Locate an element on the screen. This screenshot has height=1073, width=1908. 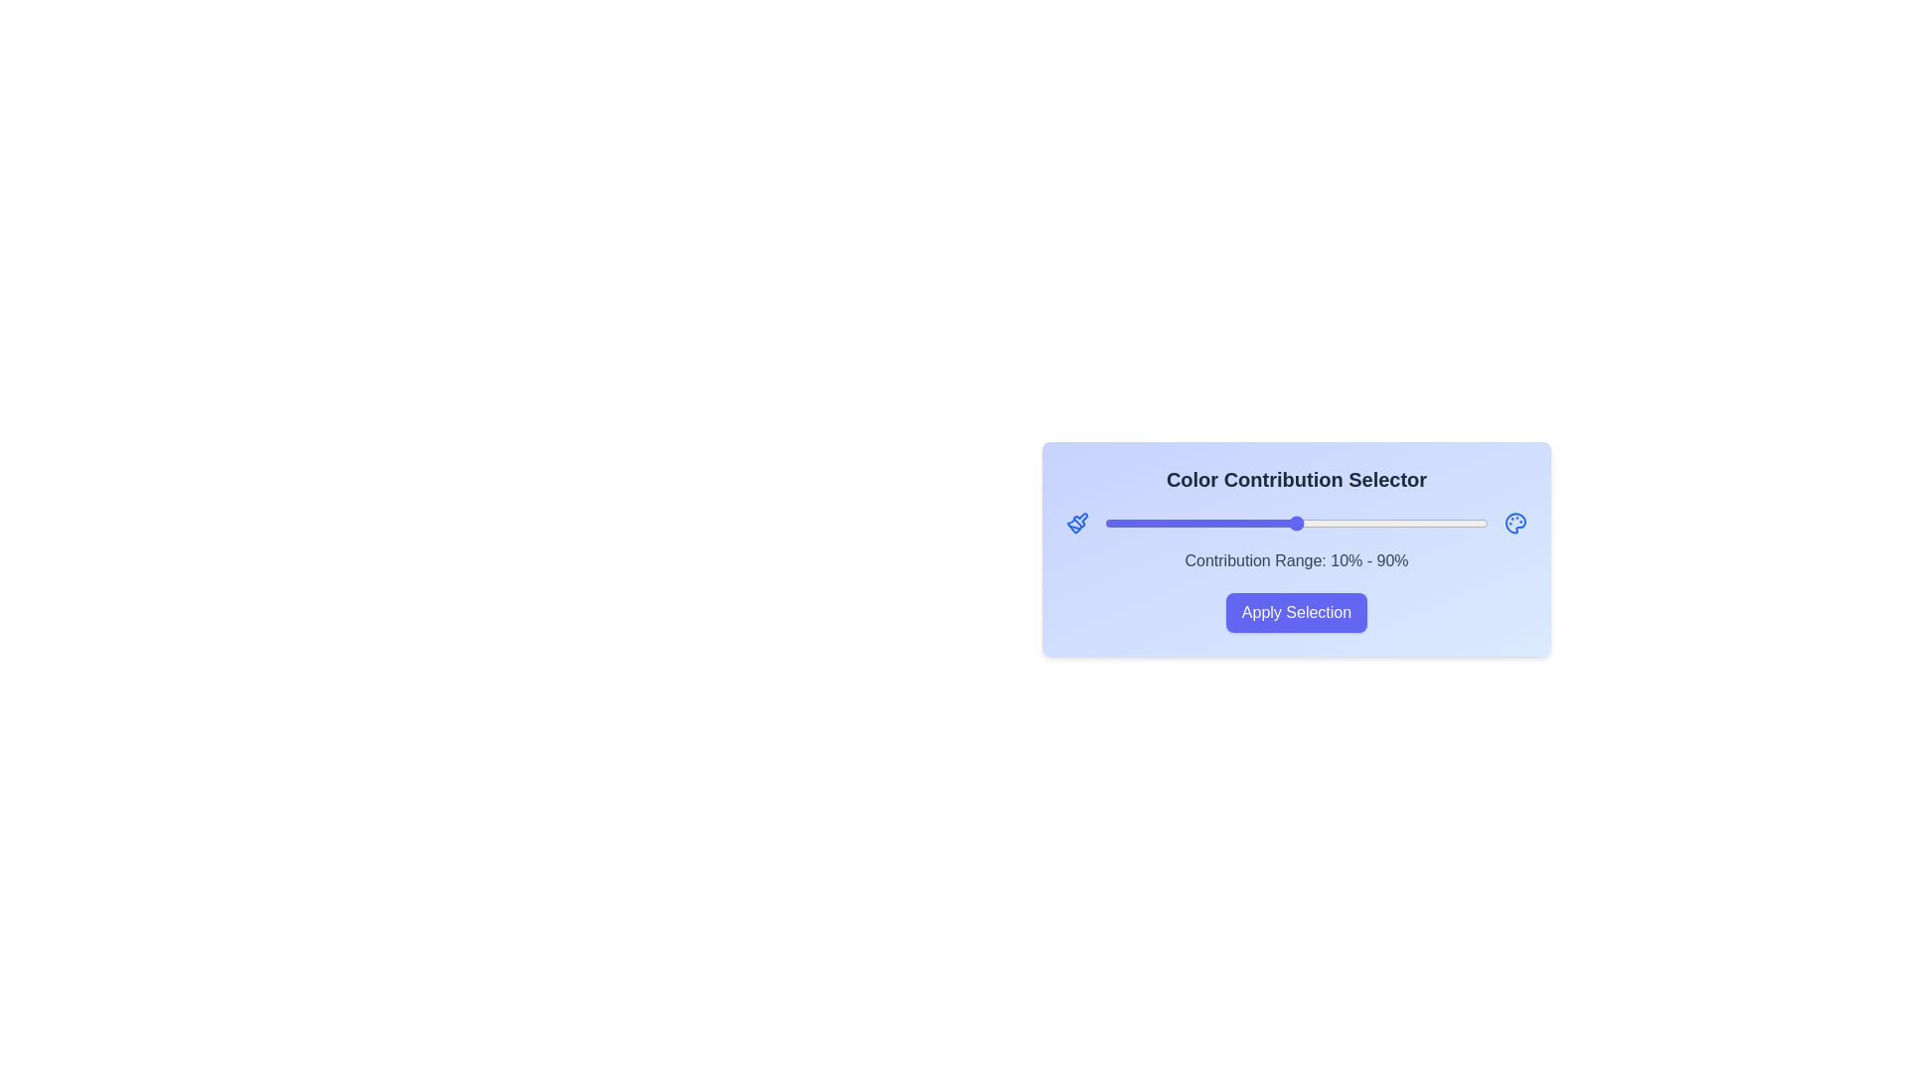
the 'Apply Selection' button is located at coordinates (1297, 612).